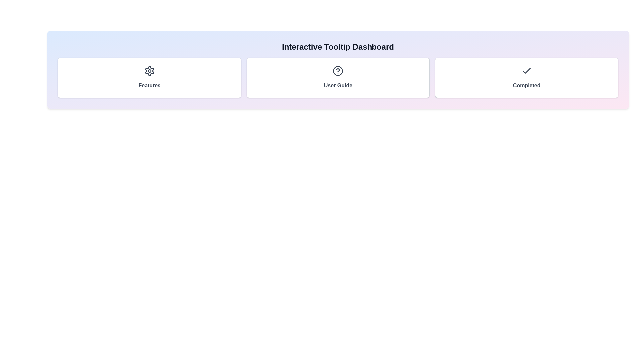 The image size is (638, 359). What do you see at coordinates (338, 85) in the screenshot?
I see `the 'User Guide' static text element, which is displayed in a bold sans-serif font with gray color, located in the center card of a three card layout` at bounding box center [338, 85].